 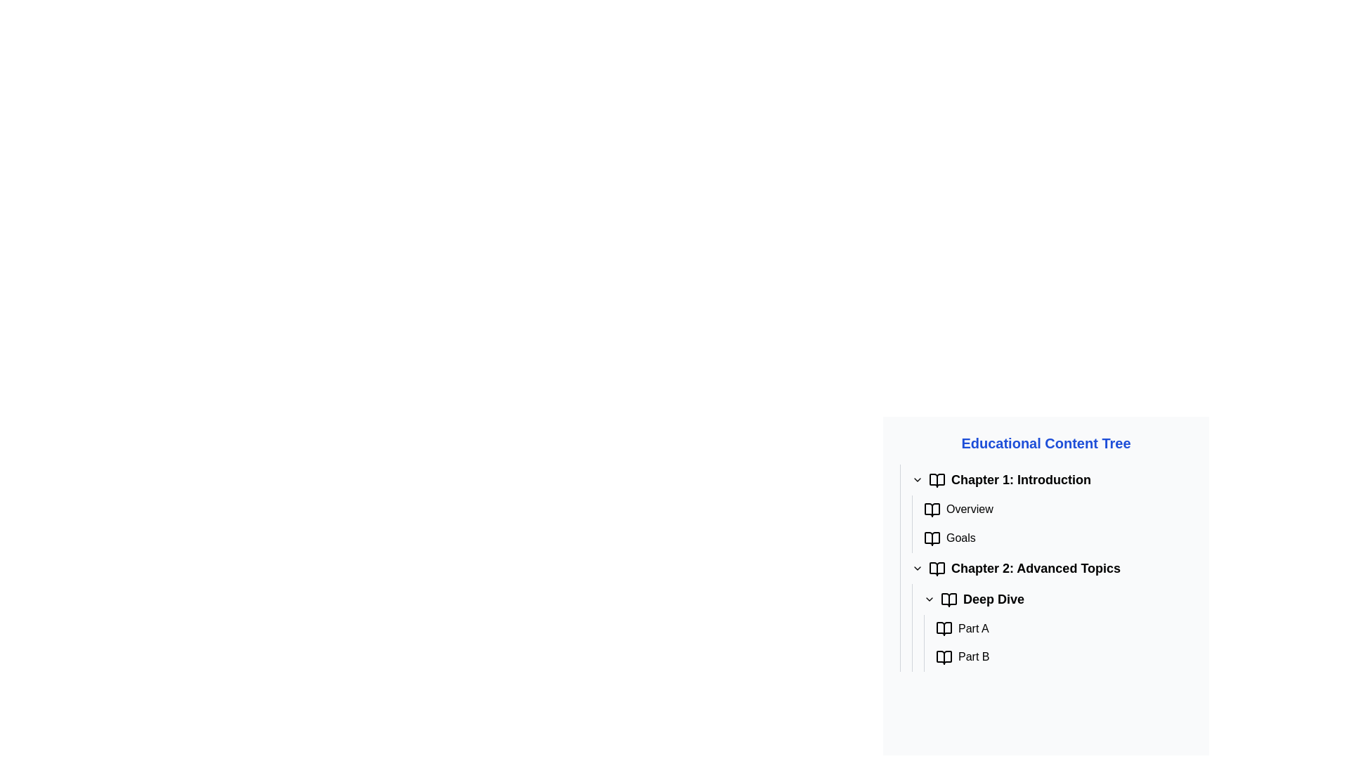 I want to click on the book icon located at the start of the line containing the heading 'Chapter 1: Introduction', so click(x=937, y=479).